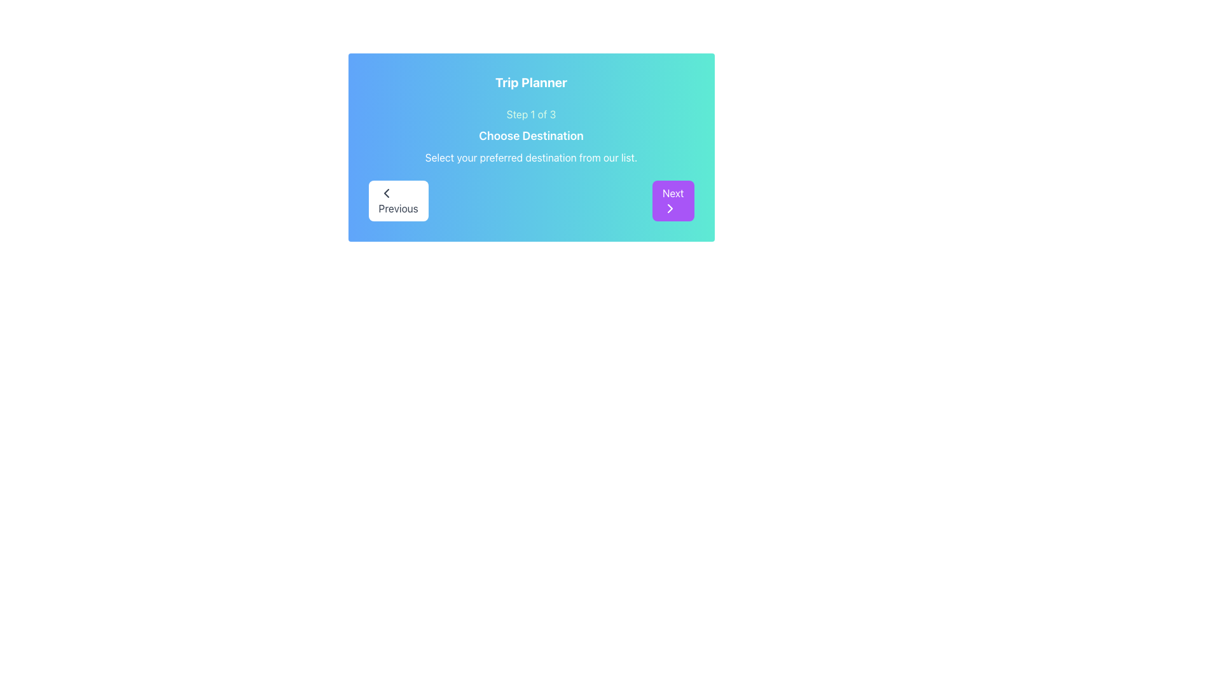  What do you see at coordinates (385, 193) in the screenshot?
I see `the 'Previous' button icon in the bottom-left area of the 'Trip Planner' interface` at bounding box center [385, 193].